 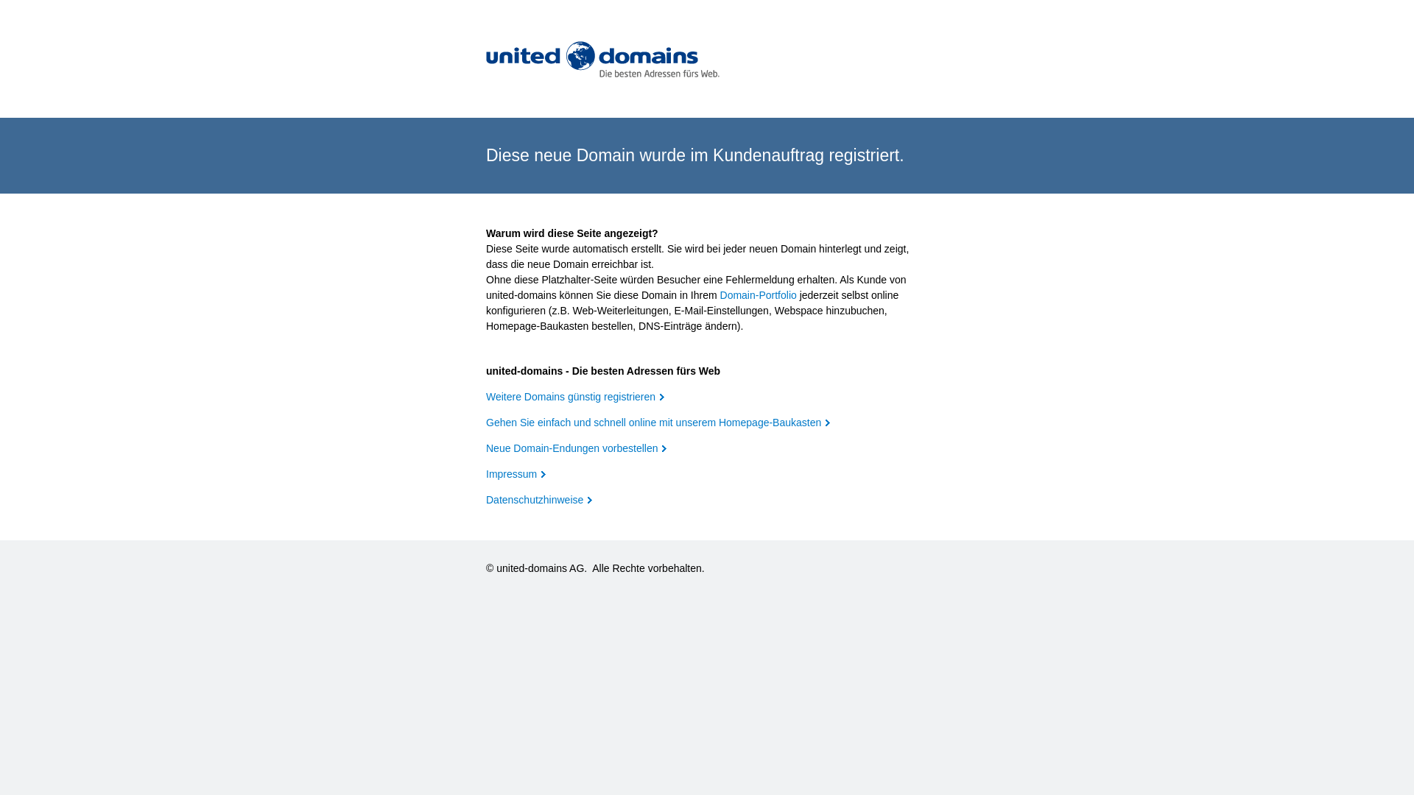 What do you see at coordinates (720, 295) in the screenshot?
I see `'Domain-Portfolio'` at bounding box center [720, 295].